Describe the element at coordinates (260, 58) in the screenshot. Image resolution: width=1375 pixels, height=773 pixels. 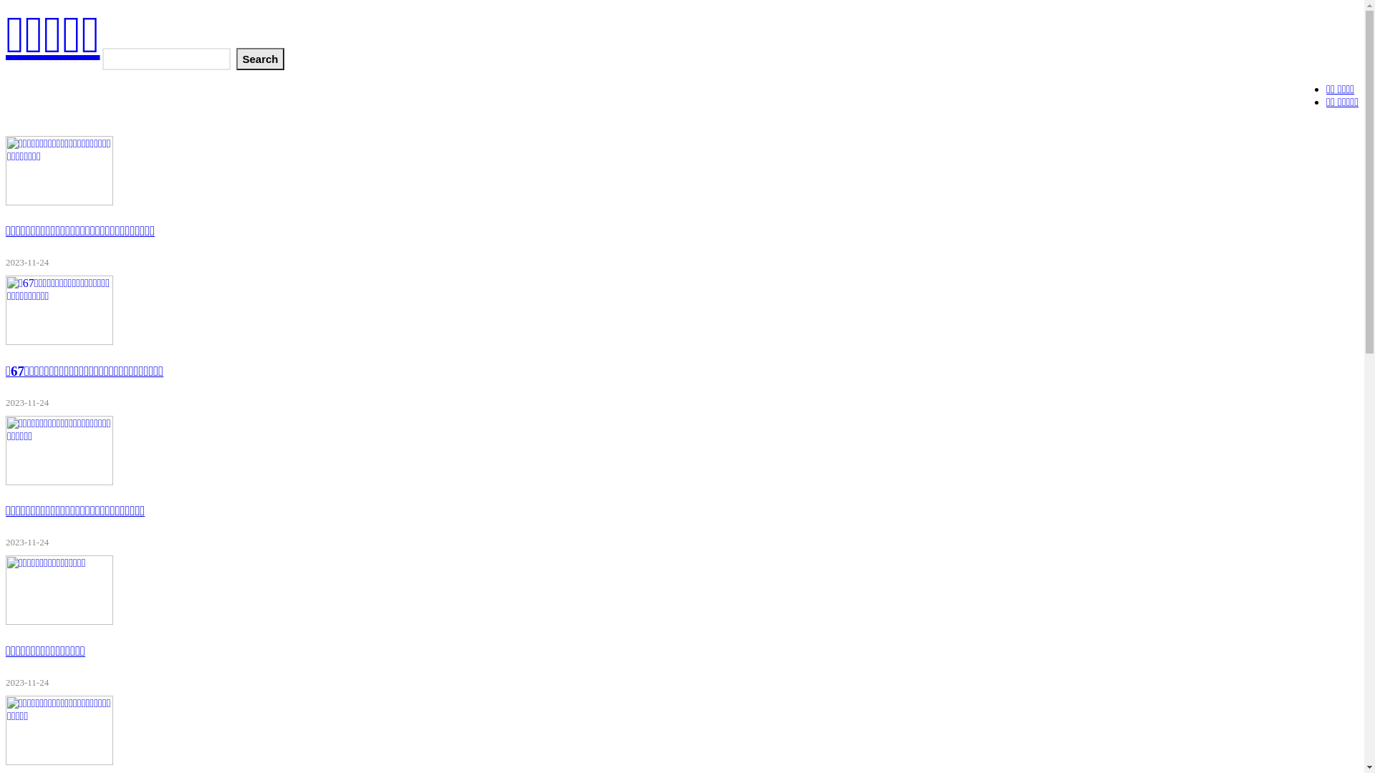
I see `'Search'` at that location.